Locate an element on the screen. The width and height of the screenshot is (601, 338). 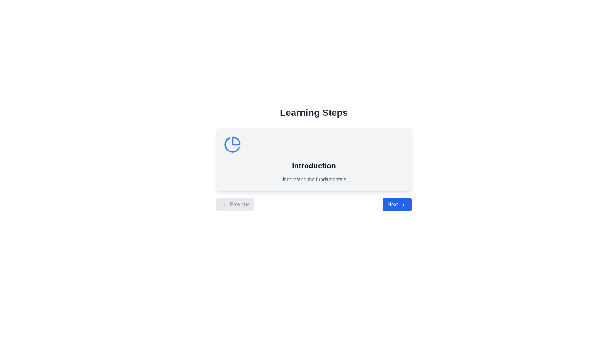
the left-pointing chevron icon located to the left of the 'Previous' button in the navigation bar is located at coordinates (224, 205).